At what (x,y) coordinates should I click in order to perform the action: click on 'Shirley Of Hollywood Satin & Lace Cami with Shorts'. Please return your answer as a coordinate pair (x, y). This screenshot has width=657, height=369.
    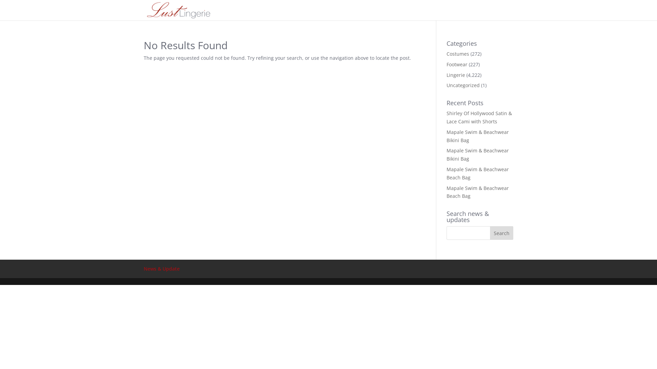
    Looking at the image, I should click on (479, 117).